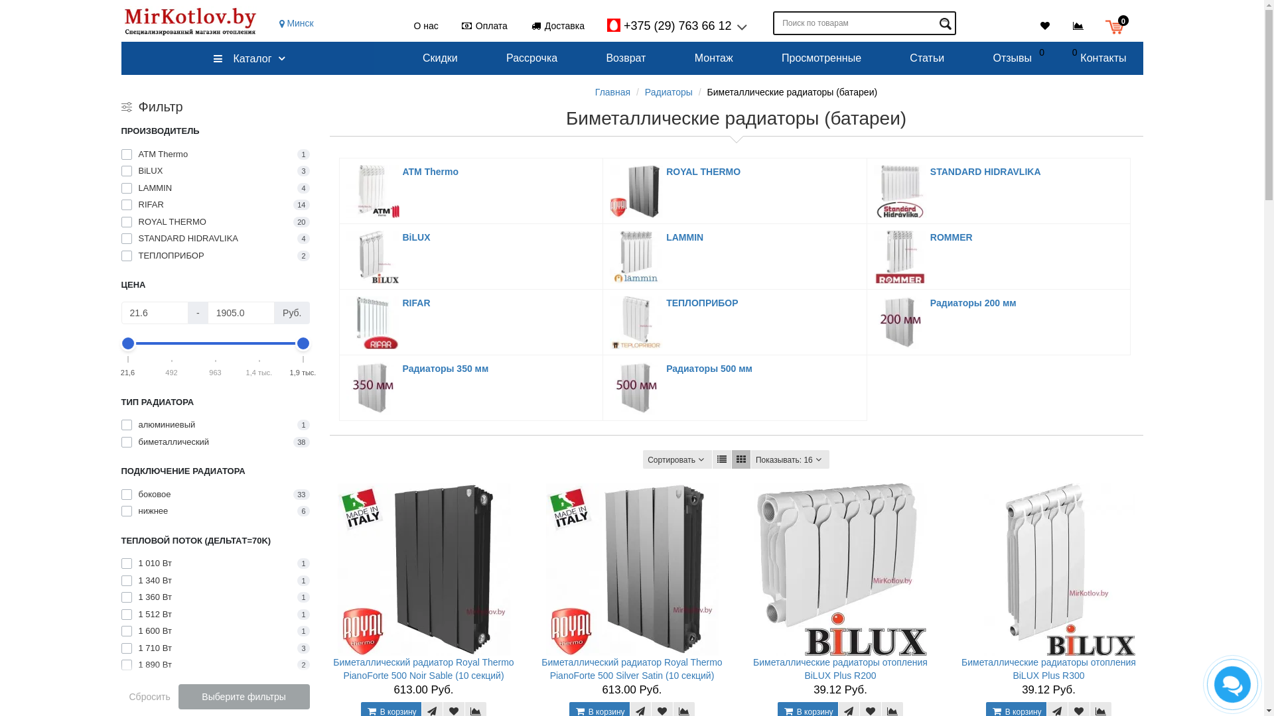 Image resolution: width=1274 pixels, height=716 pixels. I want to click on 'RIFAR', so click(415, 302).